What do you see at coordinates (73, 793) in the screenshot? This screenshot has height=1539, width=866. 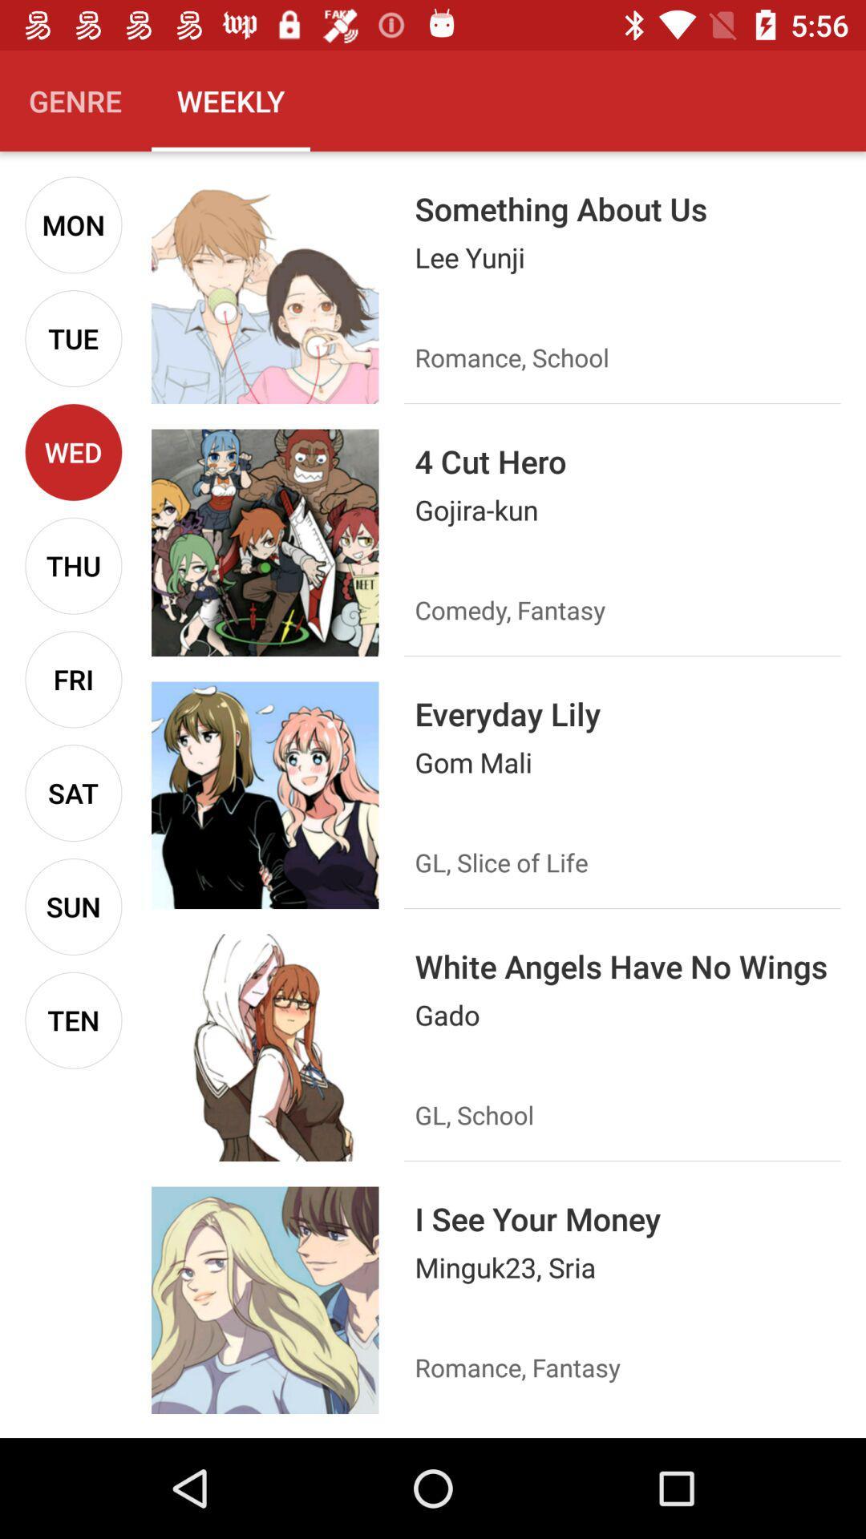 I see `sat` at bounding box center [73, 793].